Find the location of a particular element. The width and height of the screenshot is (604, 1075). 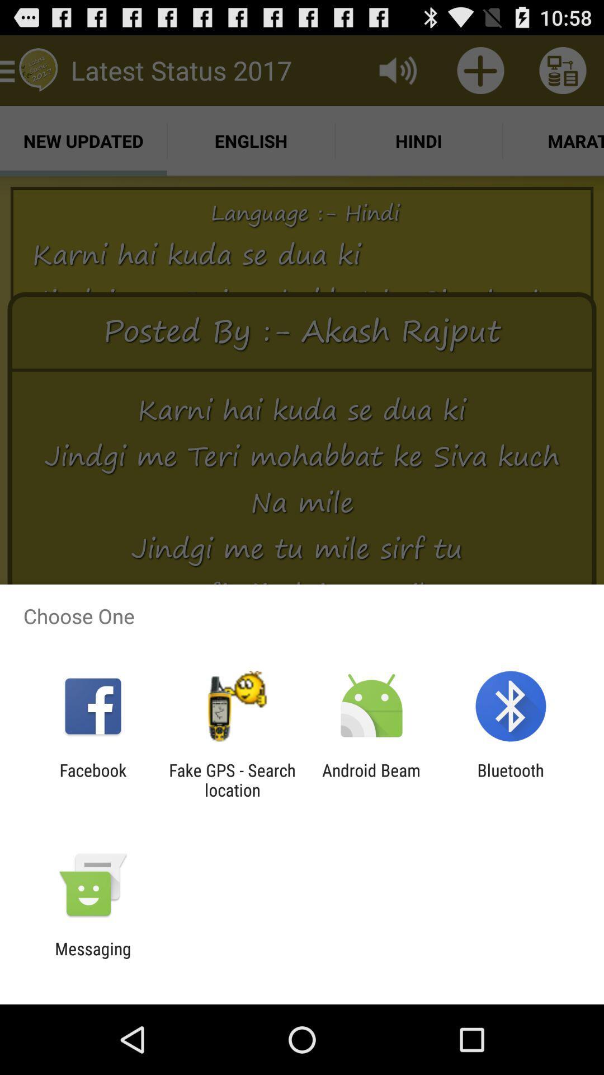

the item to the right of the fake gps search item is located at coordinates (371, 779).